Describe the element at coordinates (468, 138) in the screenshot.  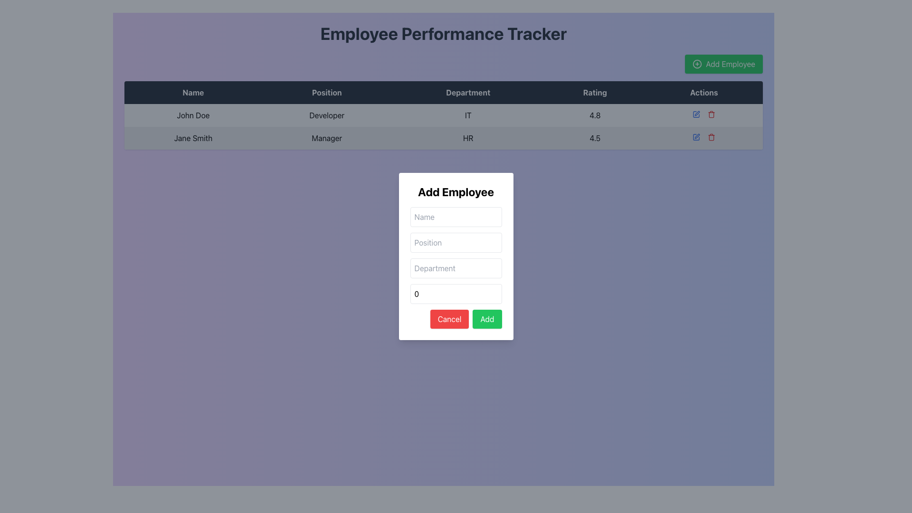
I see `the static table cell displaying 'HR' which is located in the second row under the 'Department' column` at that location.